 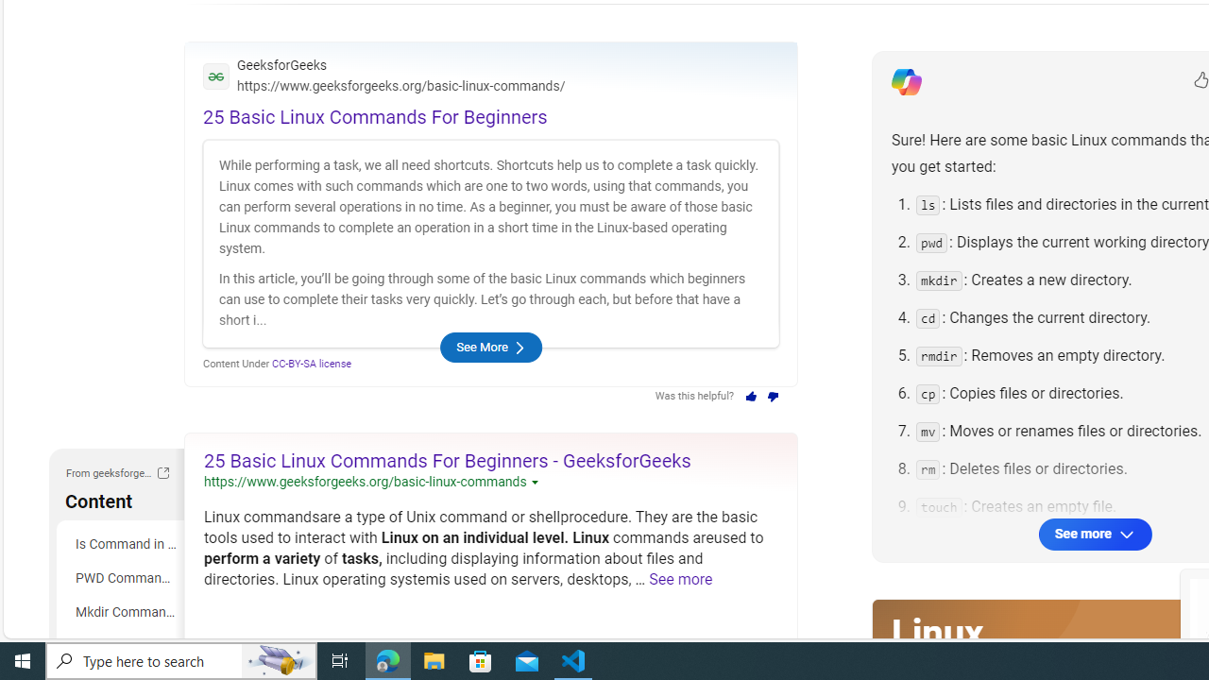 I want to click on '25 Basic Linux Commands For Beginners', so click(x=375, y=117).